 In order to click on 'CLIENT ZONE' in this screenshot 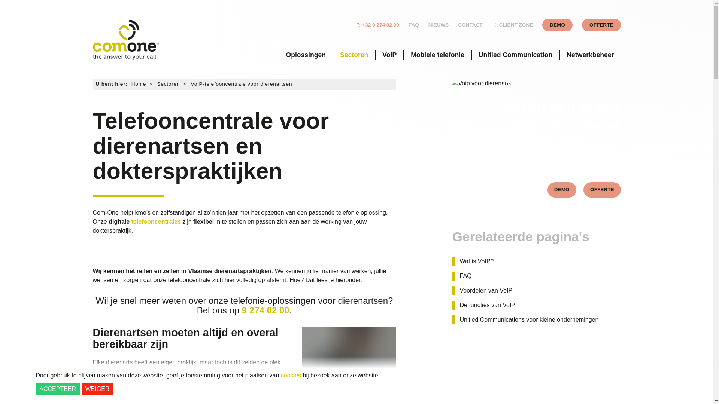, I will do `click(492, 24)`.